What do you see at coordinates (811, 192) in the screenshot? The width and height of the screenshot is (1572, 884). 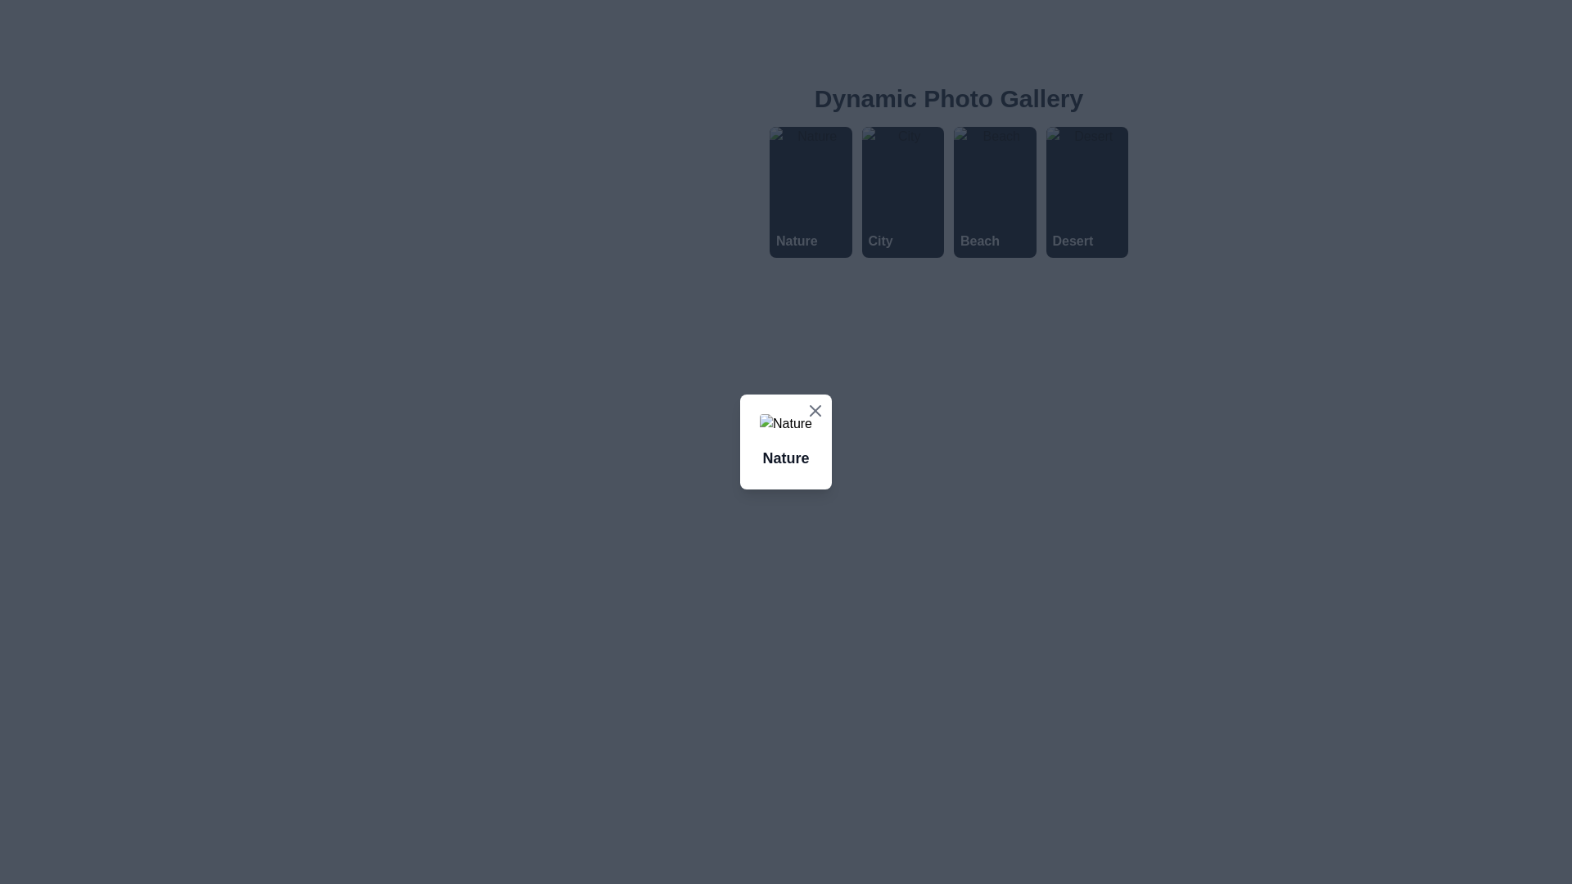 I see `the 'Nature' category card located in the top-left corner of a 2x4 grid layout` at bounding box center [811, 192].